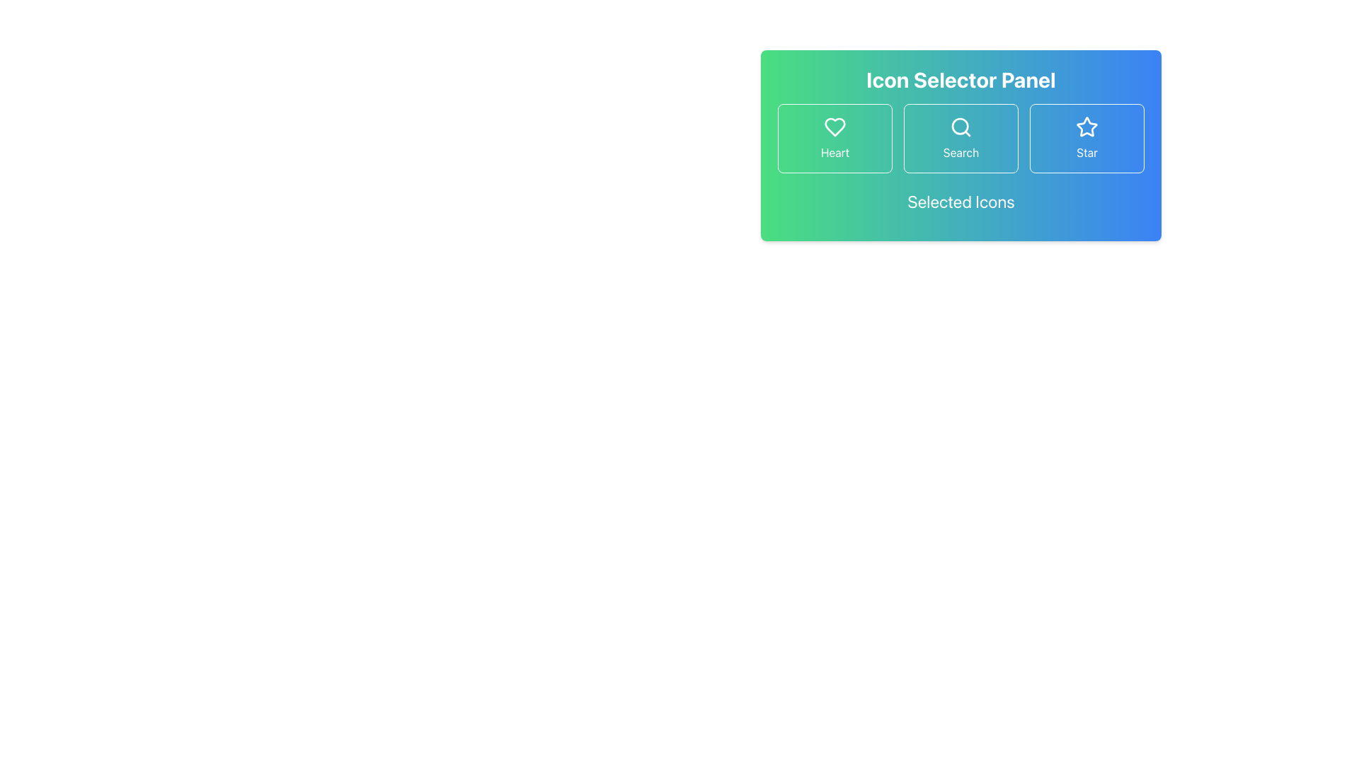 The height and width of the screenshot is (764, 1359). Describe the element at coordinates (961, 145) in the screenshot. I see `an icon in the Interactive panel, which serves as a selector interface for choosing icons, to make a selection` at that location.